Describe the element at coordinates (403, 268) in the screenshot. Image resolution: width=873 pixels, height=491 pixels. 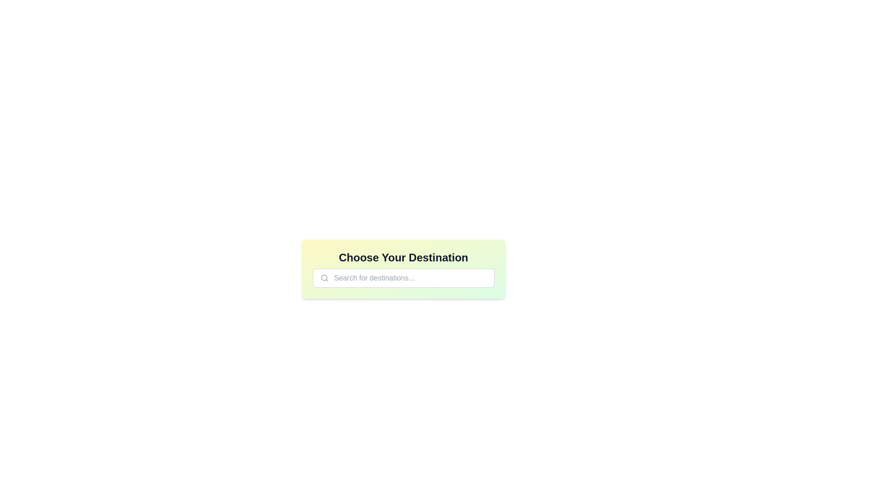
I see `the magnifying glass icon located within the search interface card that contains a text input and a title` at that location.